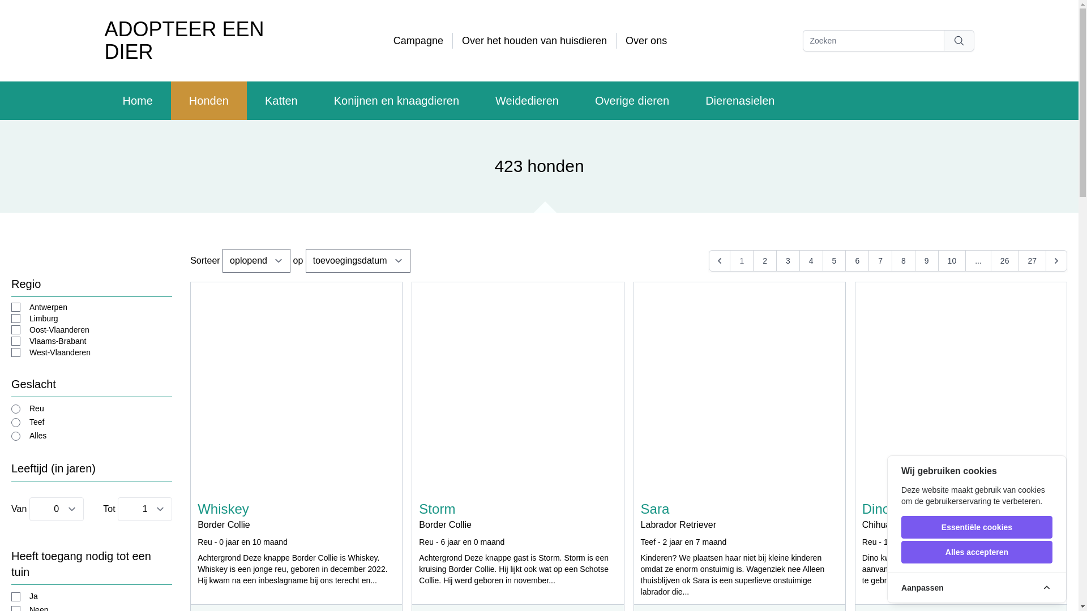 This screenshot has width=1087, height=611. I want to click on 'Over ons', so click(646, 40).